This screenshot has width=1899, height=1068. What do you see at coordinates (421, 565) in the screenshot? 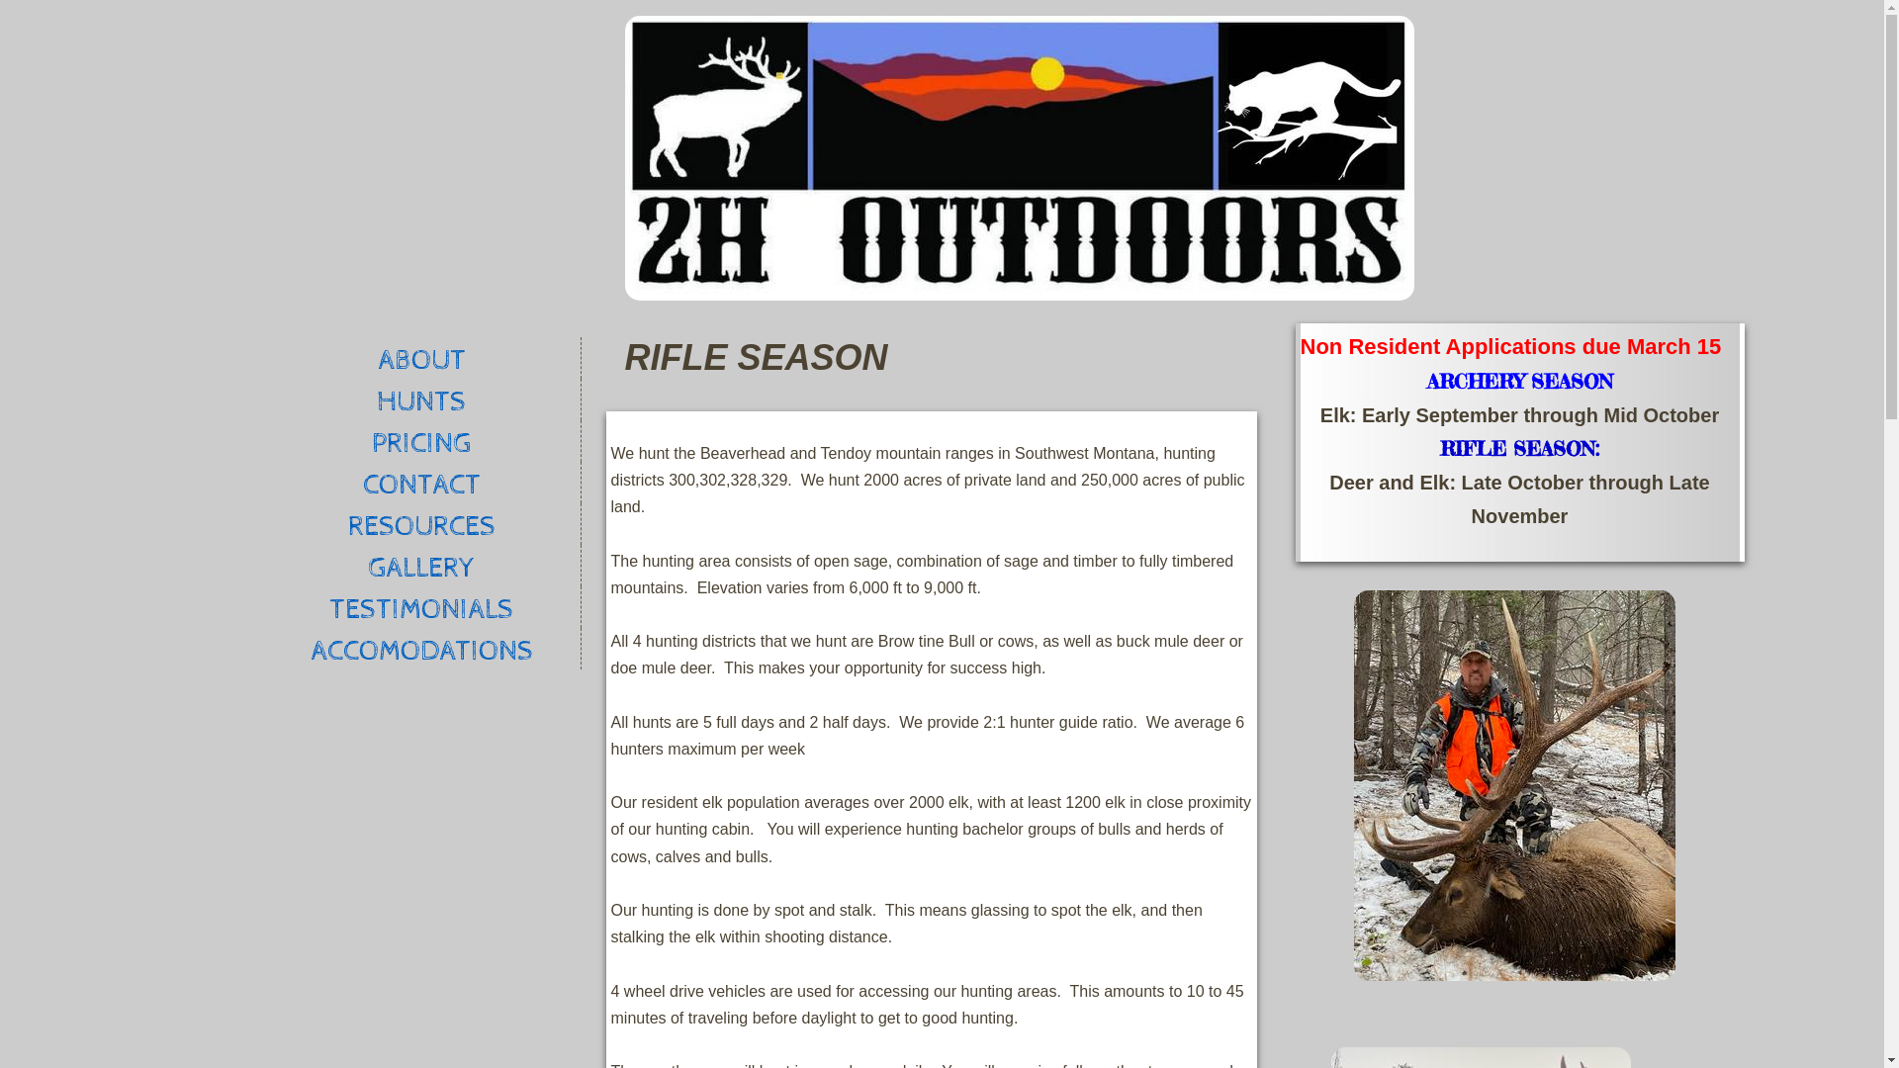
I see `'GALLERY'` at bounding box center [421, 565].